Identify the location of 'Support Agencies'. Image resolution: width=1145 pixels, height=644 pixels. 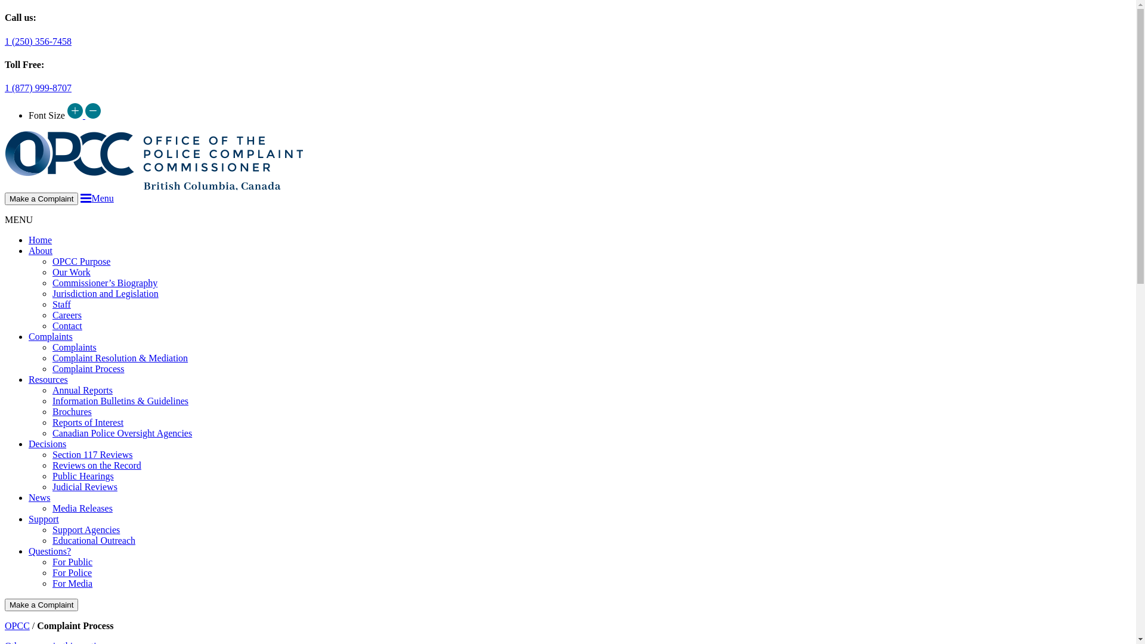
(85, 529).